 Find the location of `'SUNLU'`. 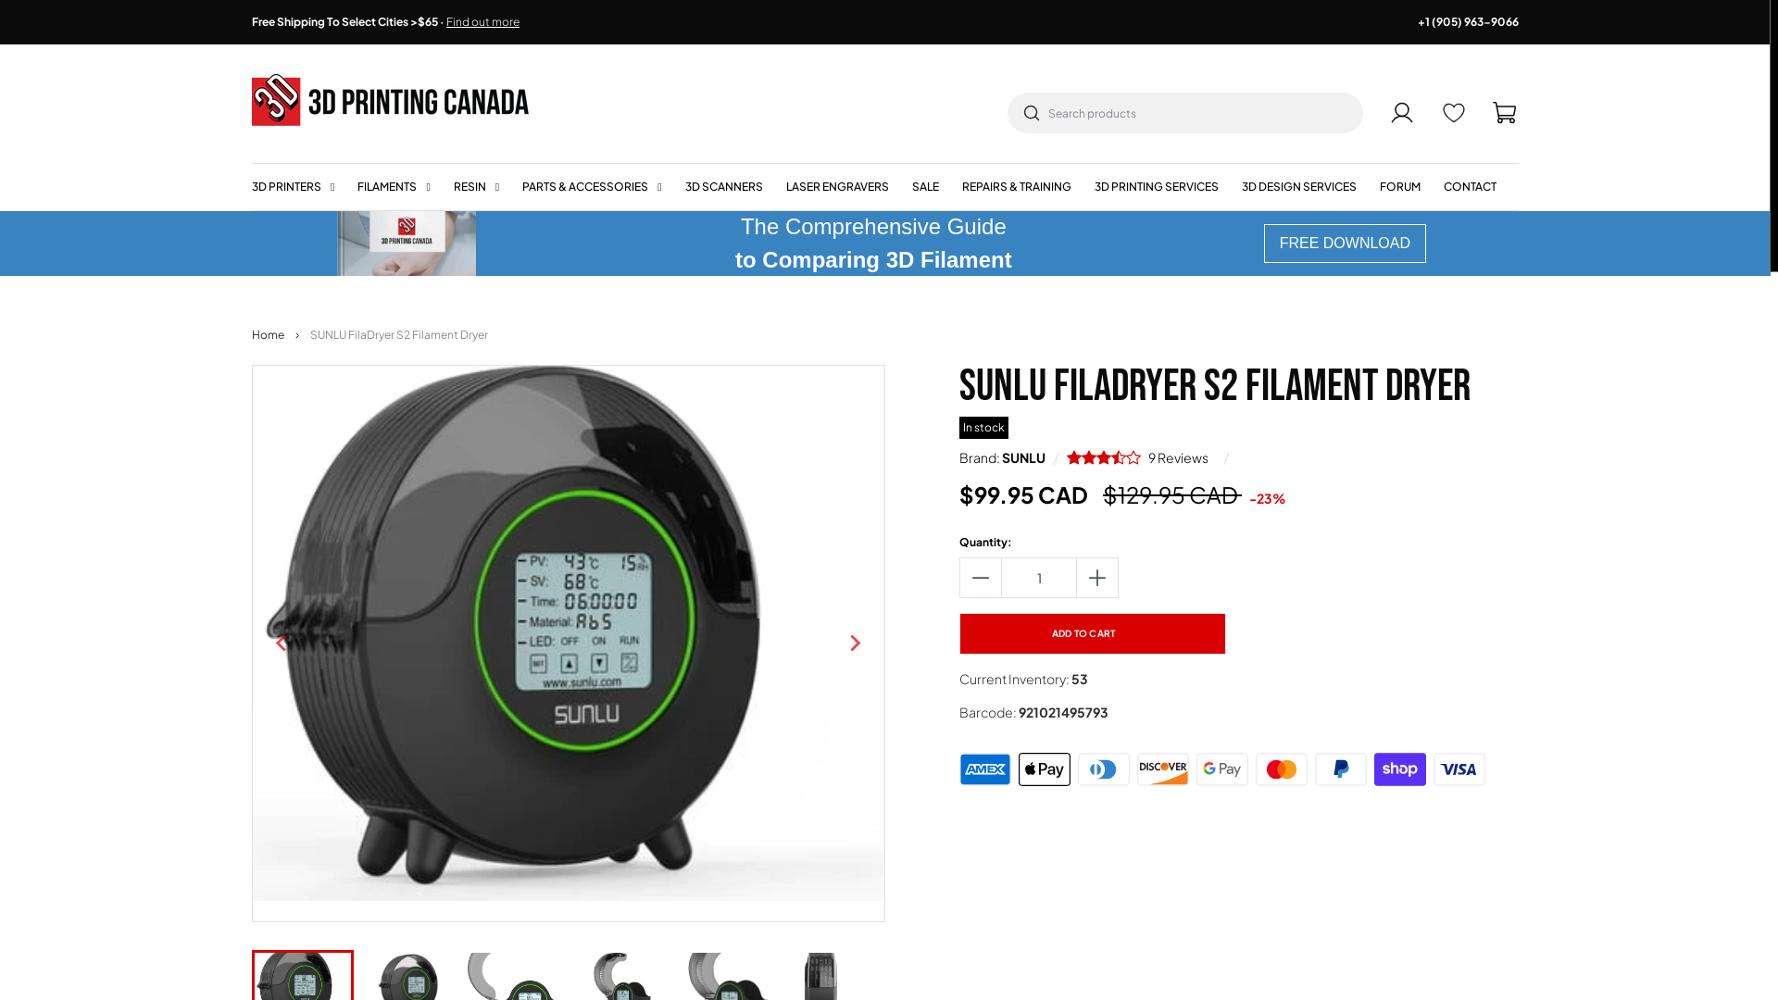

'SUNLU' is located at coordinates (1022, 456).